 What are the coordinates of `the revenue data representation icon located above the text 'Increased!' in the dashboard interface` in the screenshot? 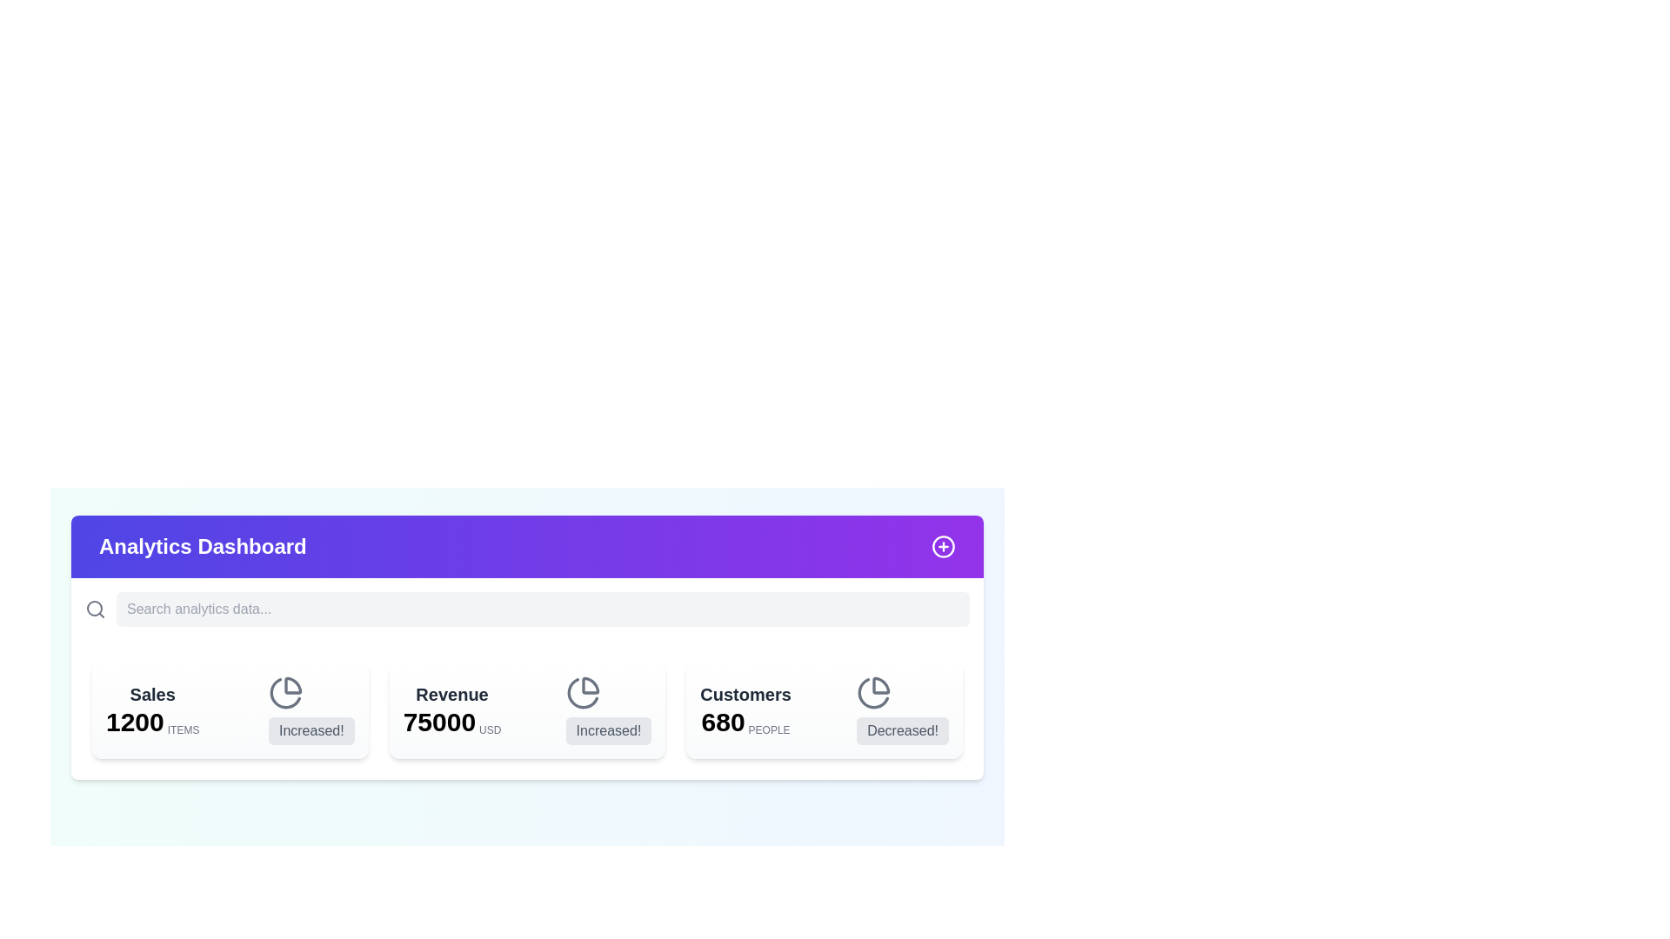 It's located at (583, 692).